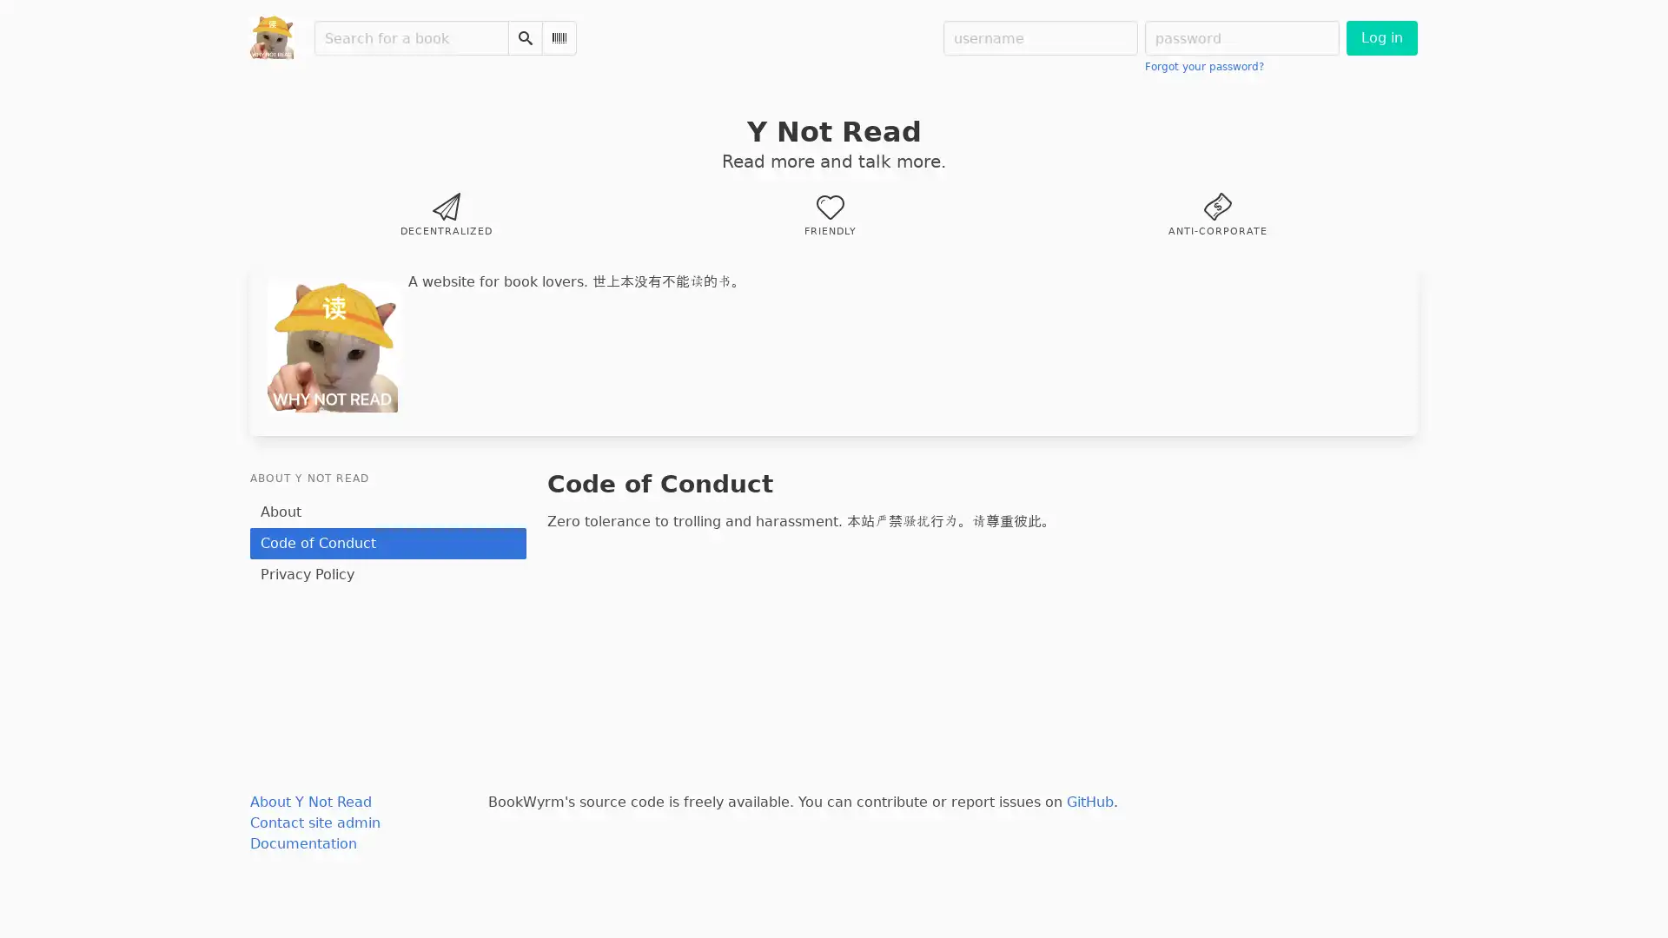 The image size is (1668, 938). Describe the element at coordinates (1380, 37) in the screenshot. I see `Log in` at that location.